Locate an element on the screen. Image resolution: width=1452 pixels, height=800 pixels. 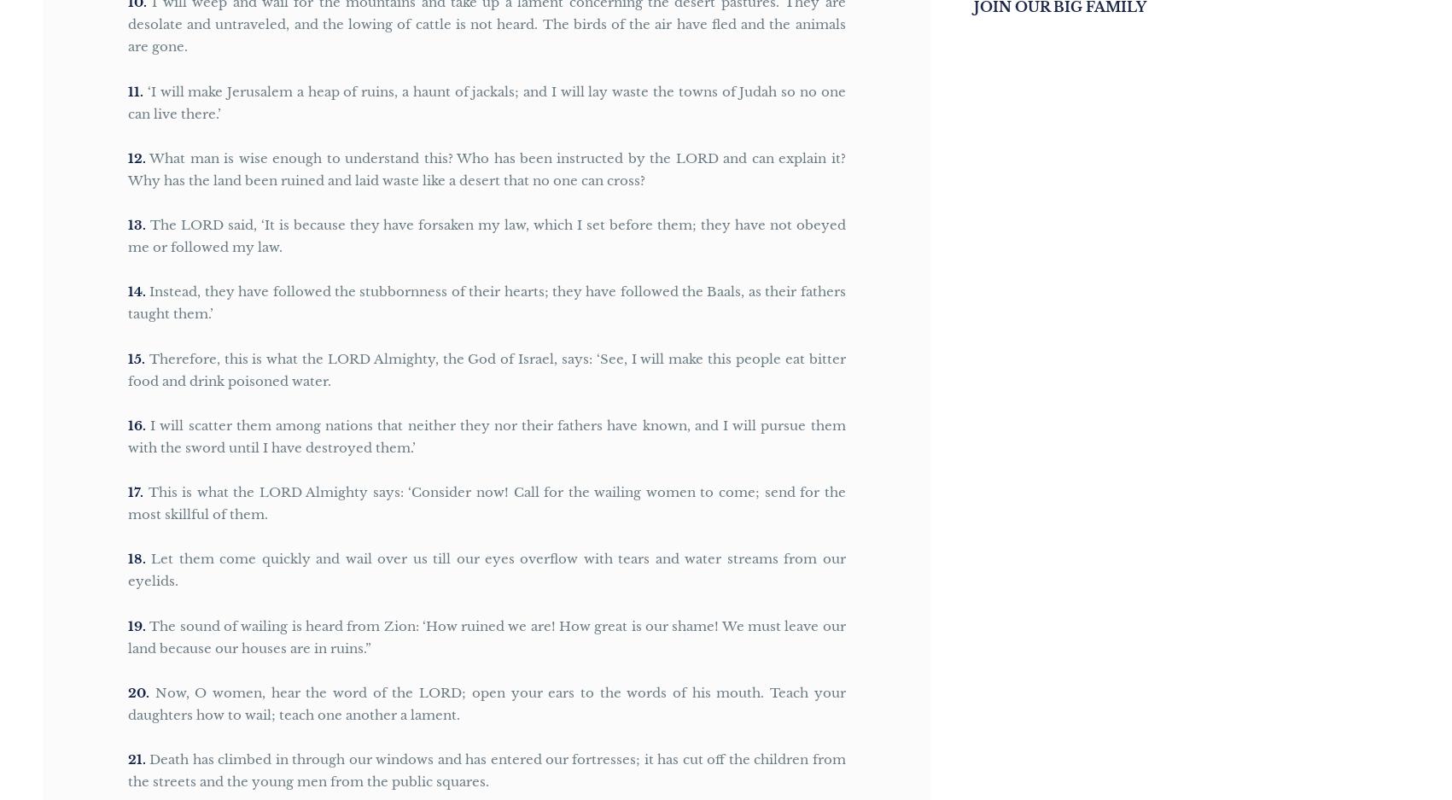
'Let them come quickly and wail over us till our eyes overflow with tears and water streams from our eyelids.' is located at coordinates (487, 569).